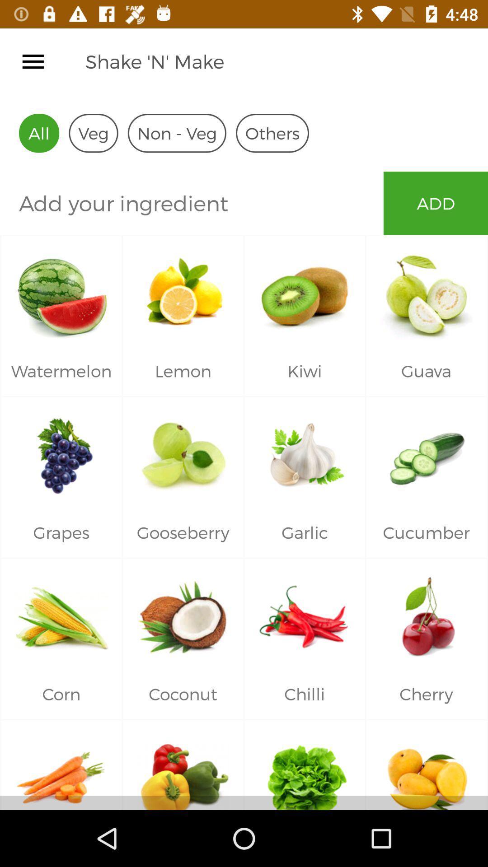  What do you see at coordinates (33, 61) in the screenshot?
I see `menu sidebar` at bounding box center [33, 61].